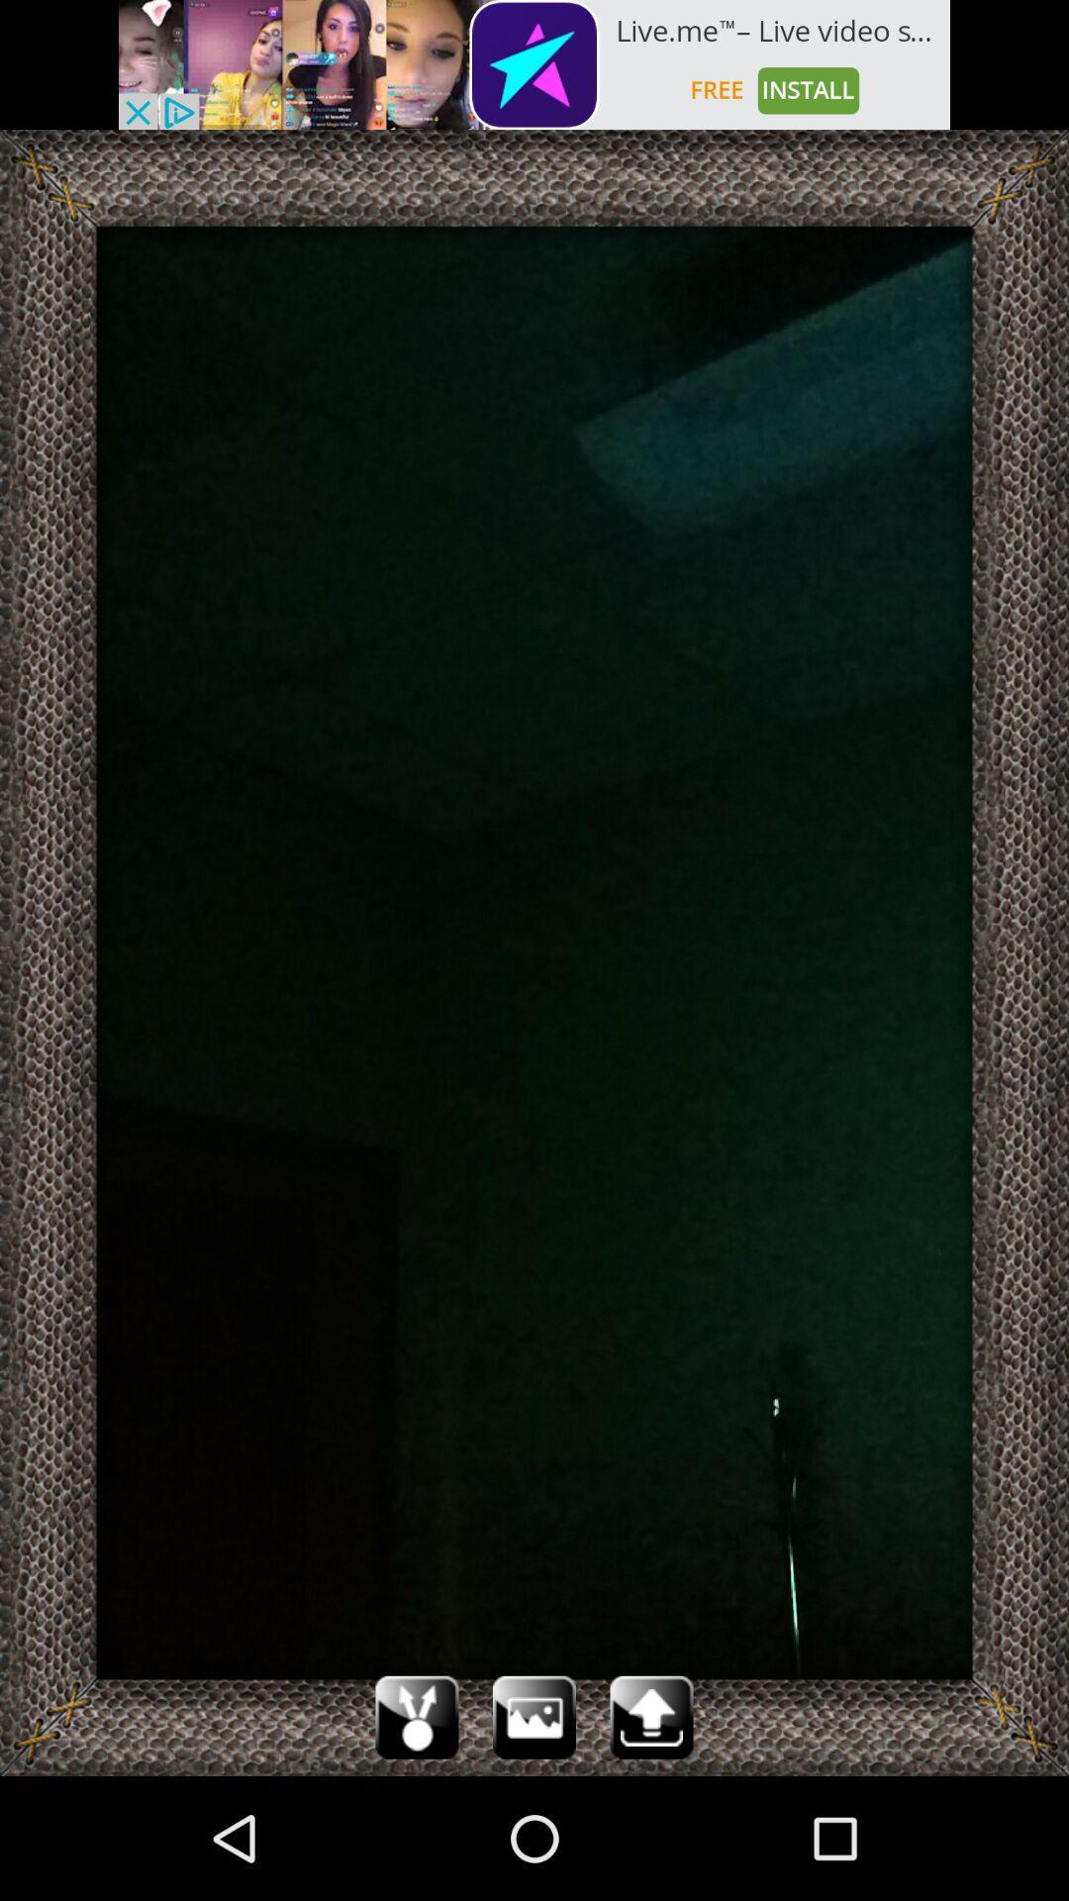 Image resolution: width=1069 pixels, height=1901 pixels. I want to click on share selection, so click(416, 1716).